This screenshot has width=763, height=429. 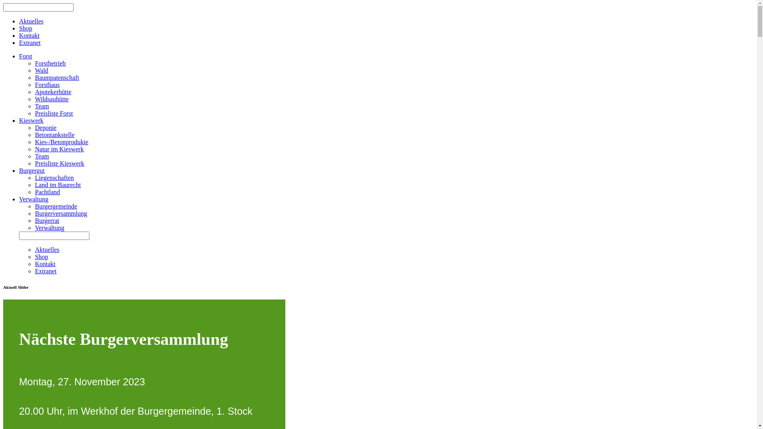 What do you see at coordinates (19, 56) in the screenshot?
I see `'Forst'` at bounding box center [19, 56].